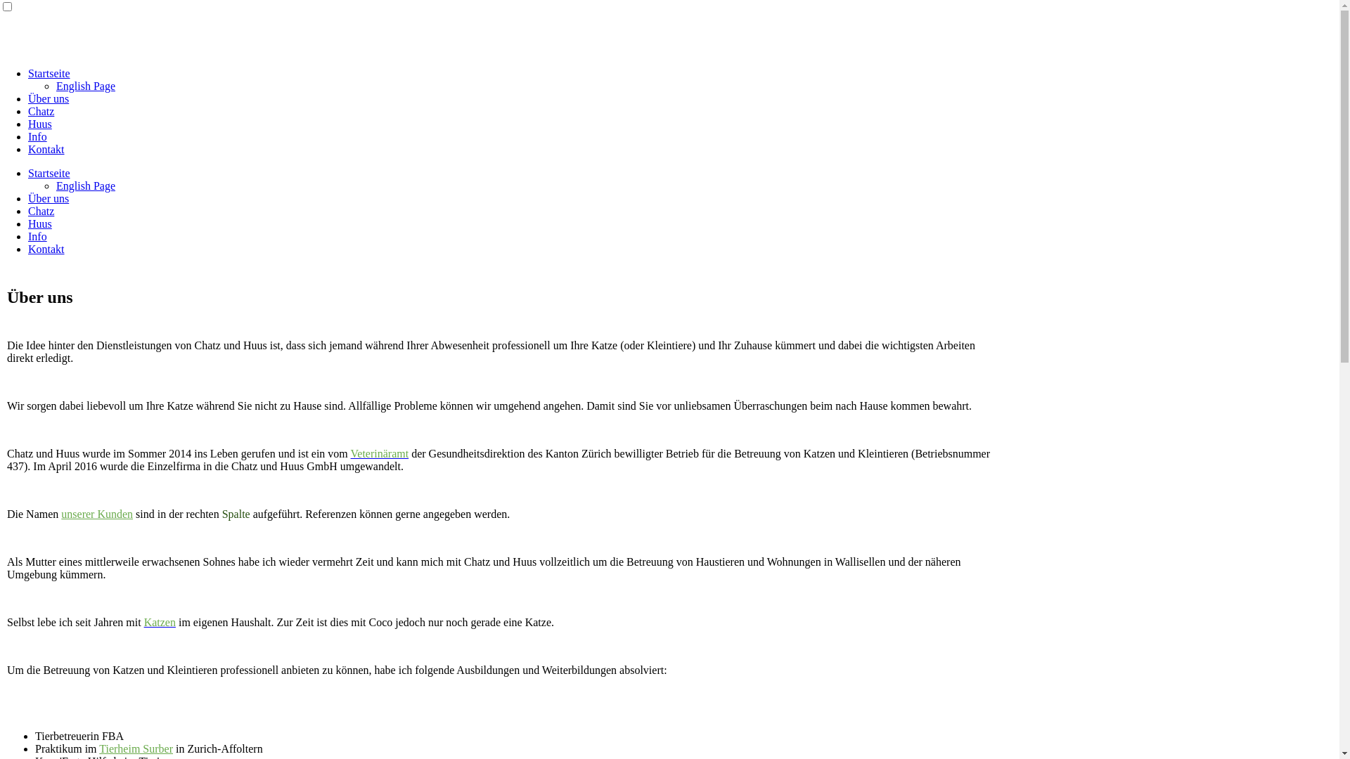 This screenshot has width=1350, height=759. Describe the element at coordinates (37, 235) in the screenshot. I see `'Info'` at that location.